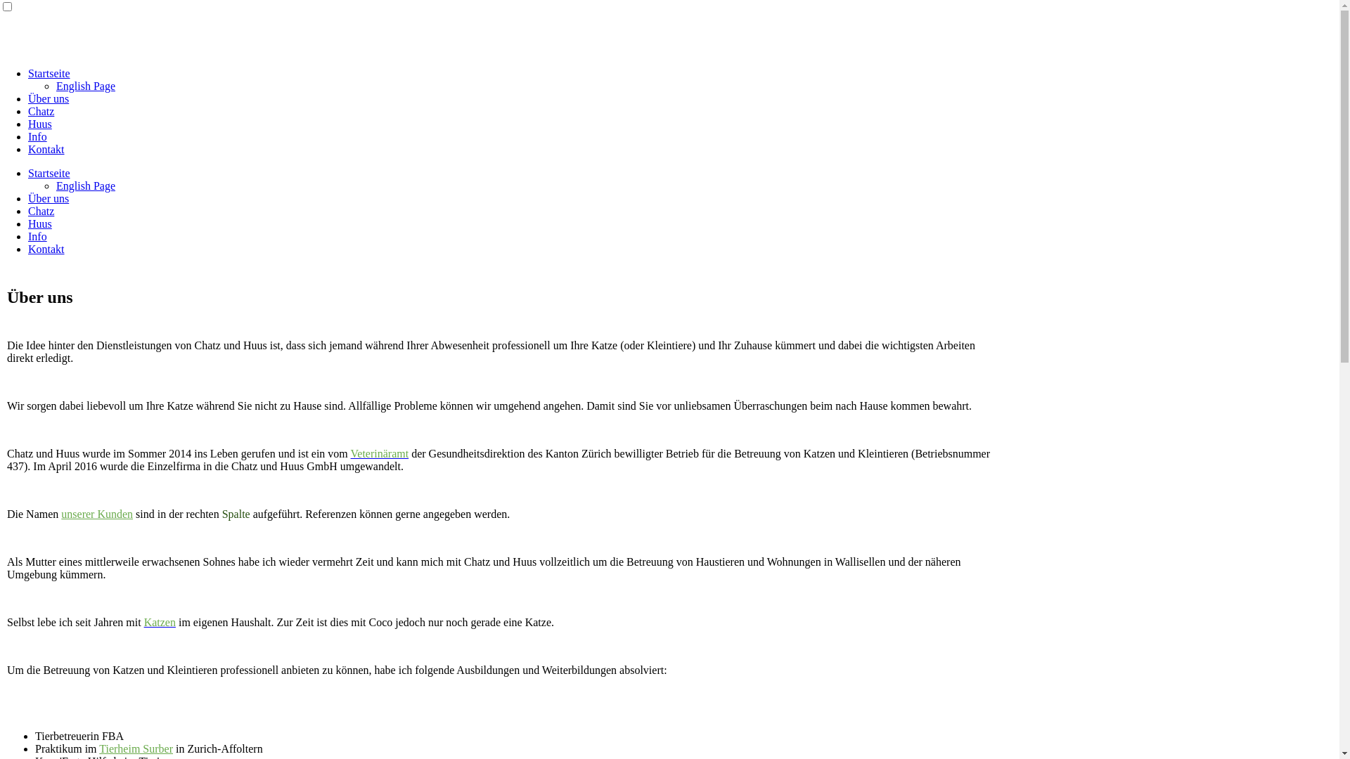 This screenshot has width=1350, height=759. Describe the element at coordinates (37, 235) in the screenshot. I see `'Info'` at that location.